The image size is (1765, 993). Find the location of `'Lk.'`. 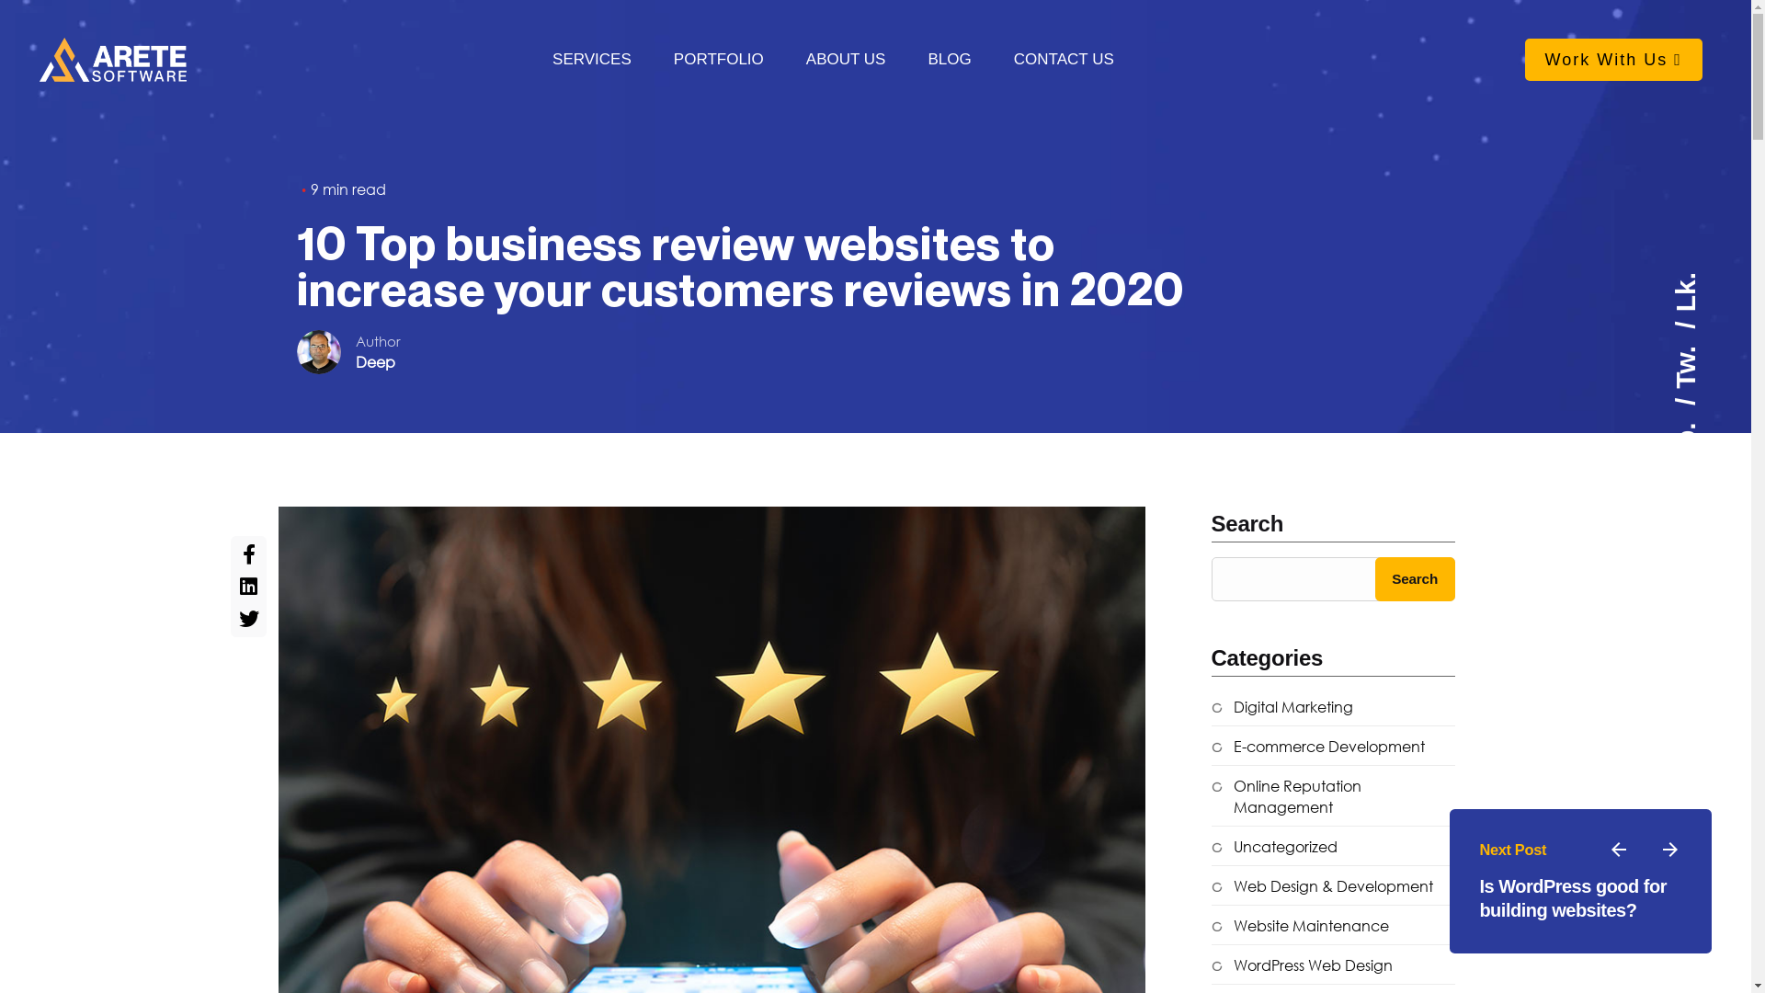

'Lk.' is located at coordinates (1690, 287).